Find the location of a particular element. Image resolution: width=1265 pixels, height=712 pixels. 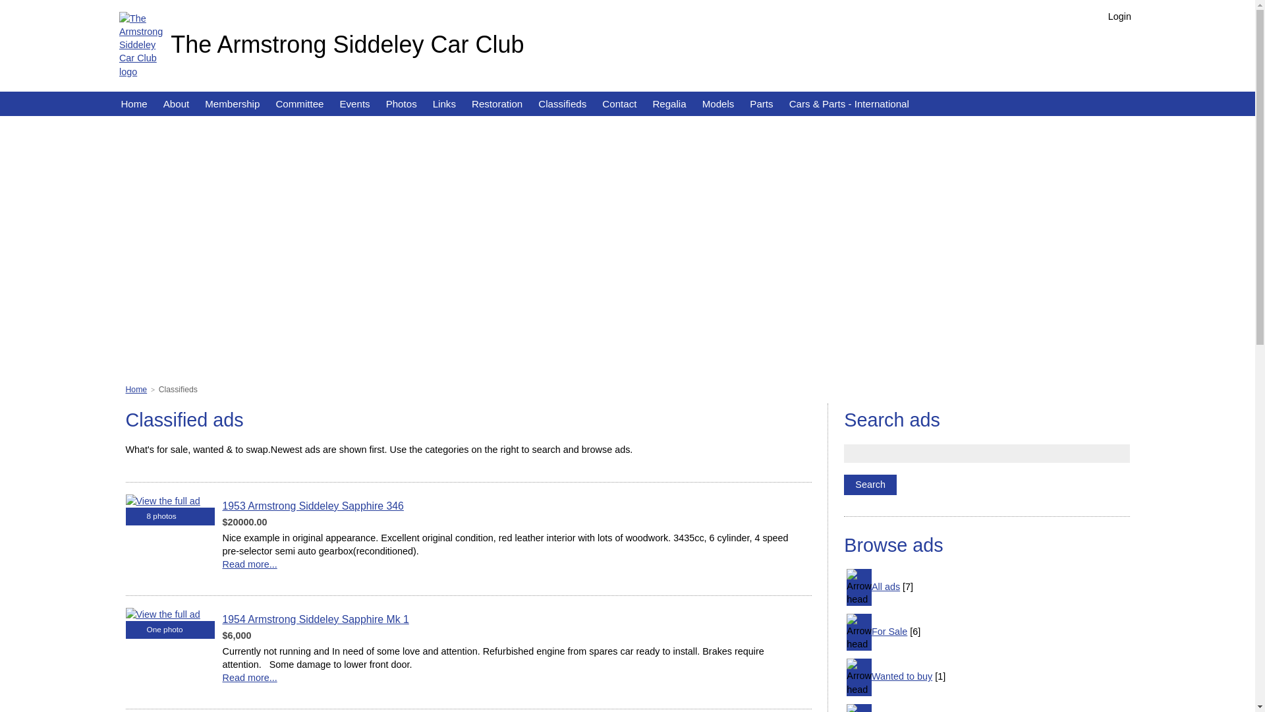

'View the full ad' is located at coordinates (125, 614).